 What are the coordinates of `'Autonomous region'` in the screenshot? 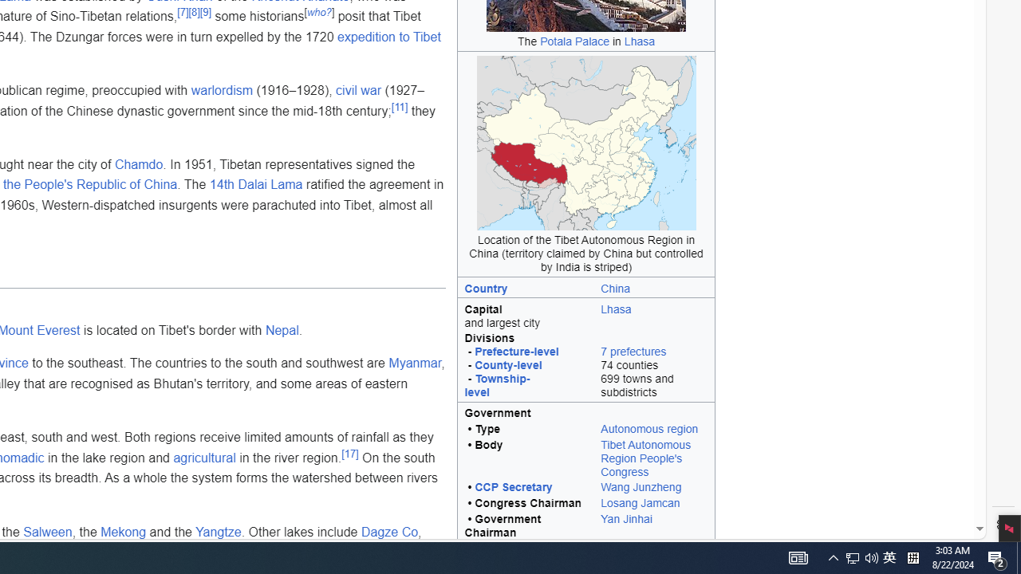 It's located at (649, 428).